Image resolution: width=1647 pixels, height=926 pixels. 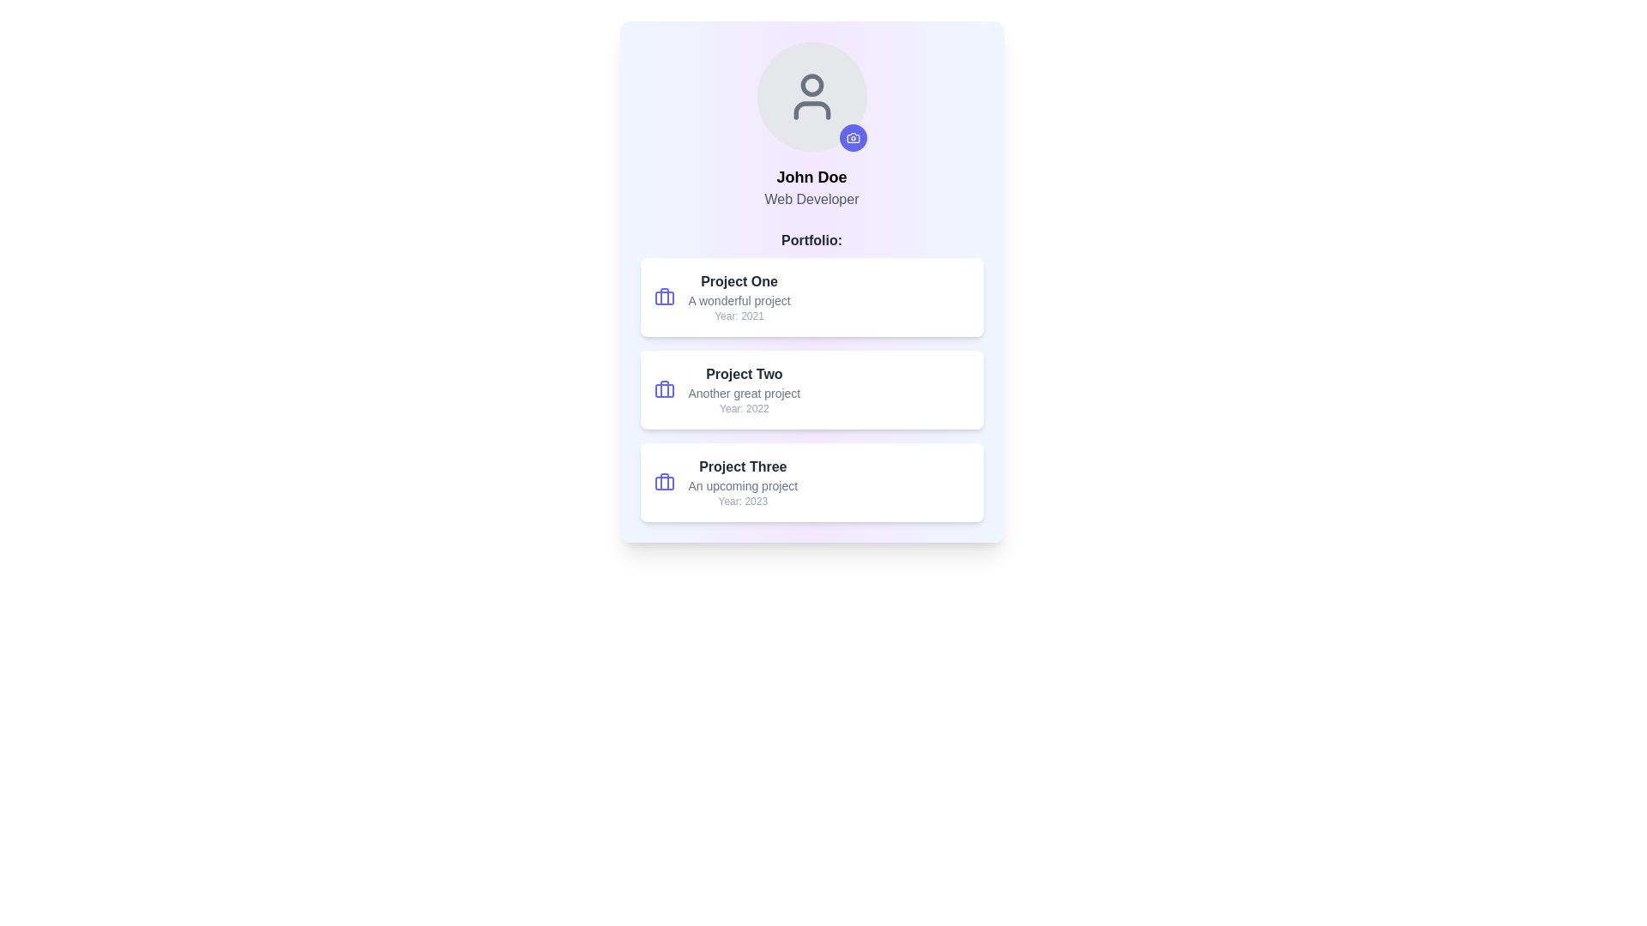 What do you see at coordinates (743, 466) in the screenshot?
I see `the text label displaying the title 'Project Three' in bold, dark-gray text, which serves as a prominent heading for its section` at bounding box center [743, 466].